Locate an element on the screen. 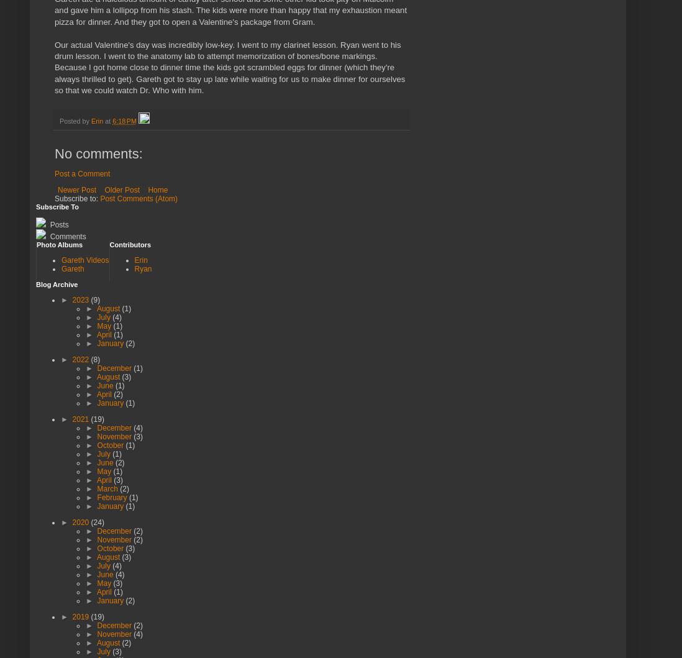  'Comments' is located at coordinates (47, 236).